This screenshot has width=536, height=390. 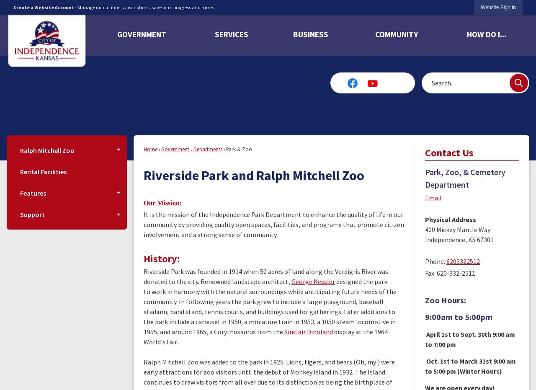 What do you see at coordinates (47, 150) in the screenshot?
I see `'Ralph Mitchell Zoo'` at bounding box center [47, 150].